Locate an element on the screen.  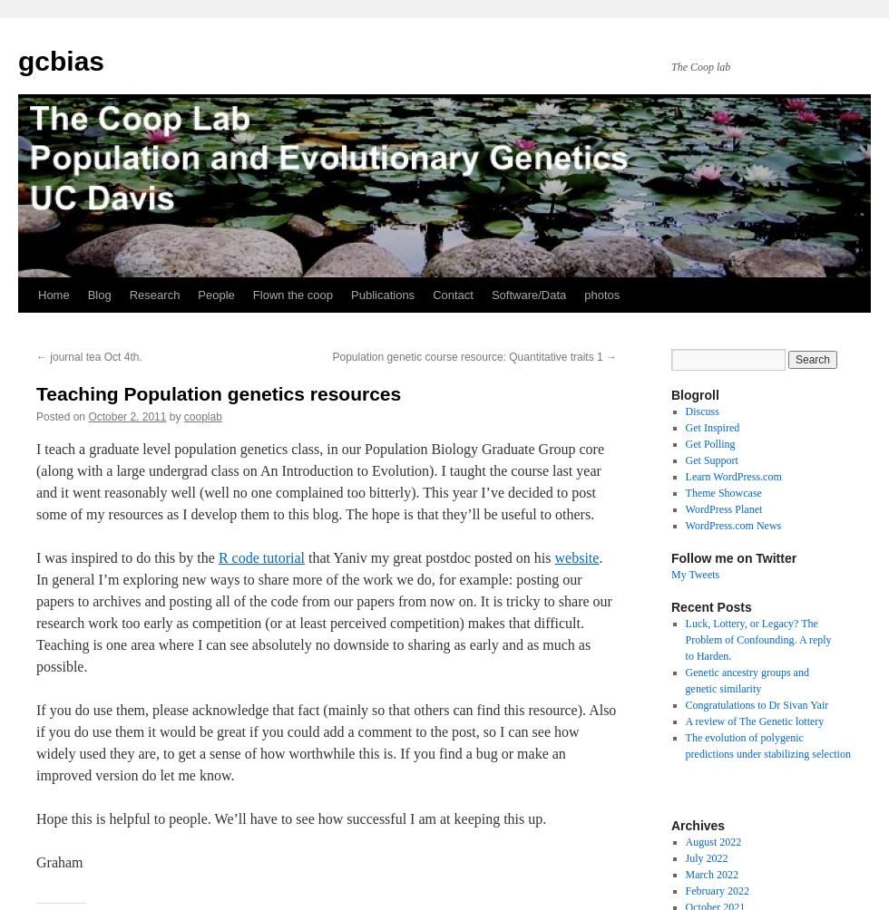
'Theme Showcase' is located at coordinates (684, 492).